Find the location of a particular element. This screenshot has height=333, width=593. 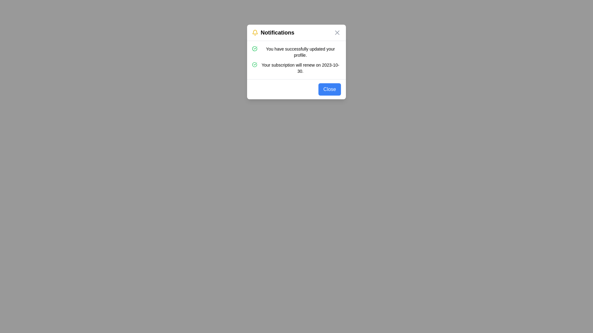

the green circular checkmark icon located to the left of the text 'You have successfully updated your profile' is located at coordinates (254, 48).